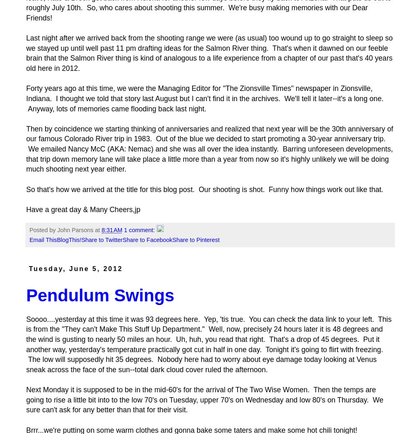  I want to click on 'Share to Facebook', so click(147, 240).